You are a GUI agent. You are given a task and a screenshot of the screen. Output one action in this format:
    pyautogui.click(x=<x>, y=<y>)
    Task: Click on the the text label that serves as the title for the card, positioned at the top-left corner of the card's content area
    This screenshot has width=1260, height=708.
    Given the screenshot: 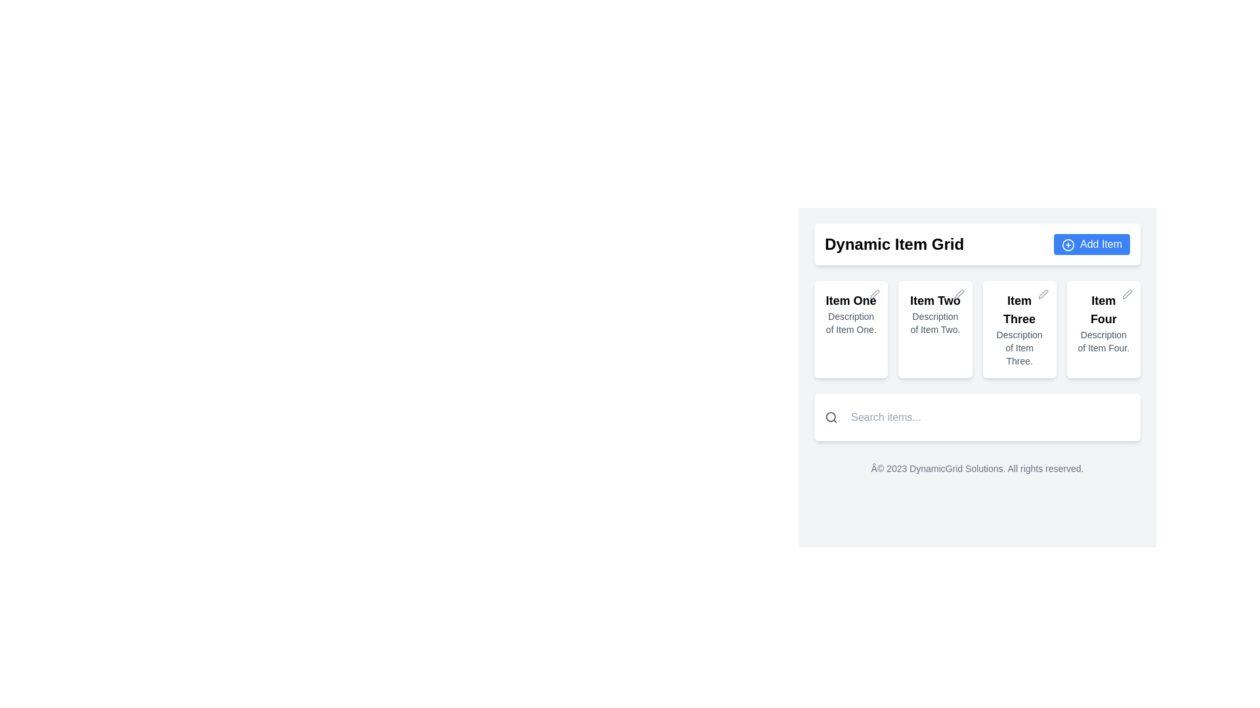 What is the action you would take?
    pyautogui.click(x=851, y=301)
    